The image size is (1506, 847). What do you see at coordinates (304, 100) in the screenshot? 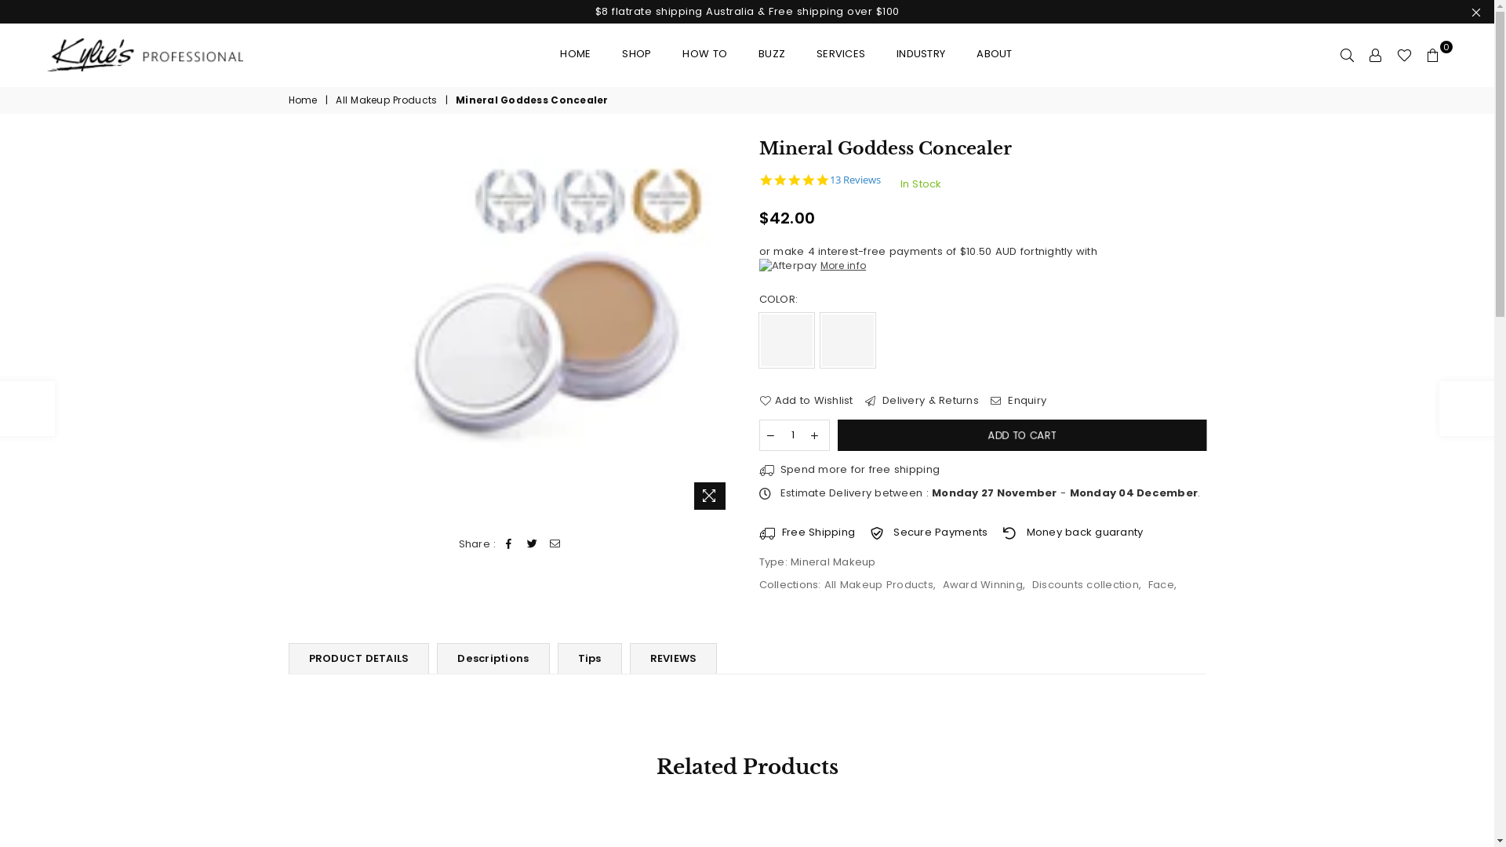
I see `'Home'` at bounding box center [304, 100].